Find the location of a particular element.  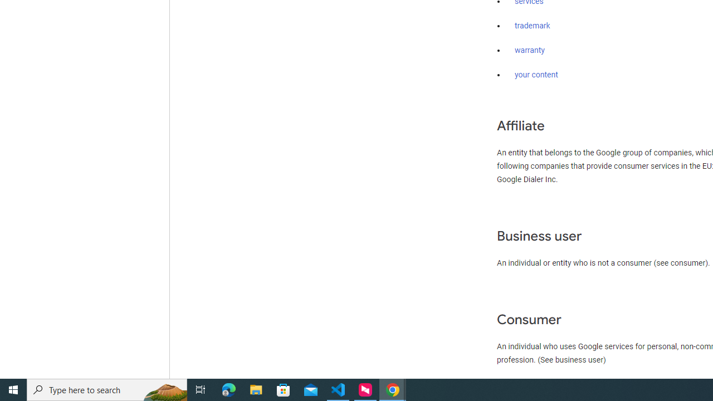

'your content' is located at coordinates (536, 75).